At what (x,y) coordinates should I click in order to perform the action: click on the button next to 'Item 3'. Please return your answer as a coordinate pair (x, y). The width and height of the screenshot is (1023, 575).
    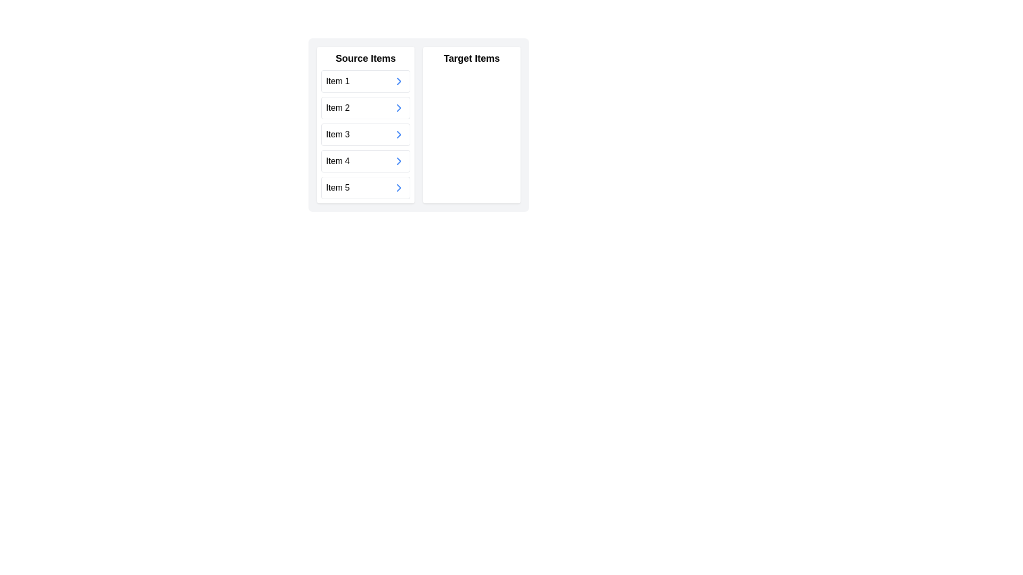
    Looking at the image, I should click on (398, 134).